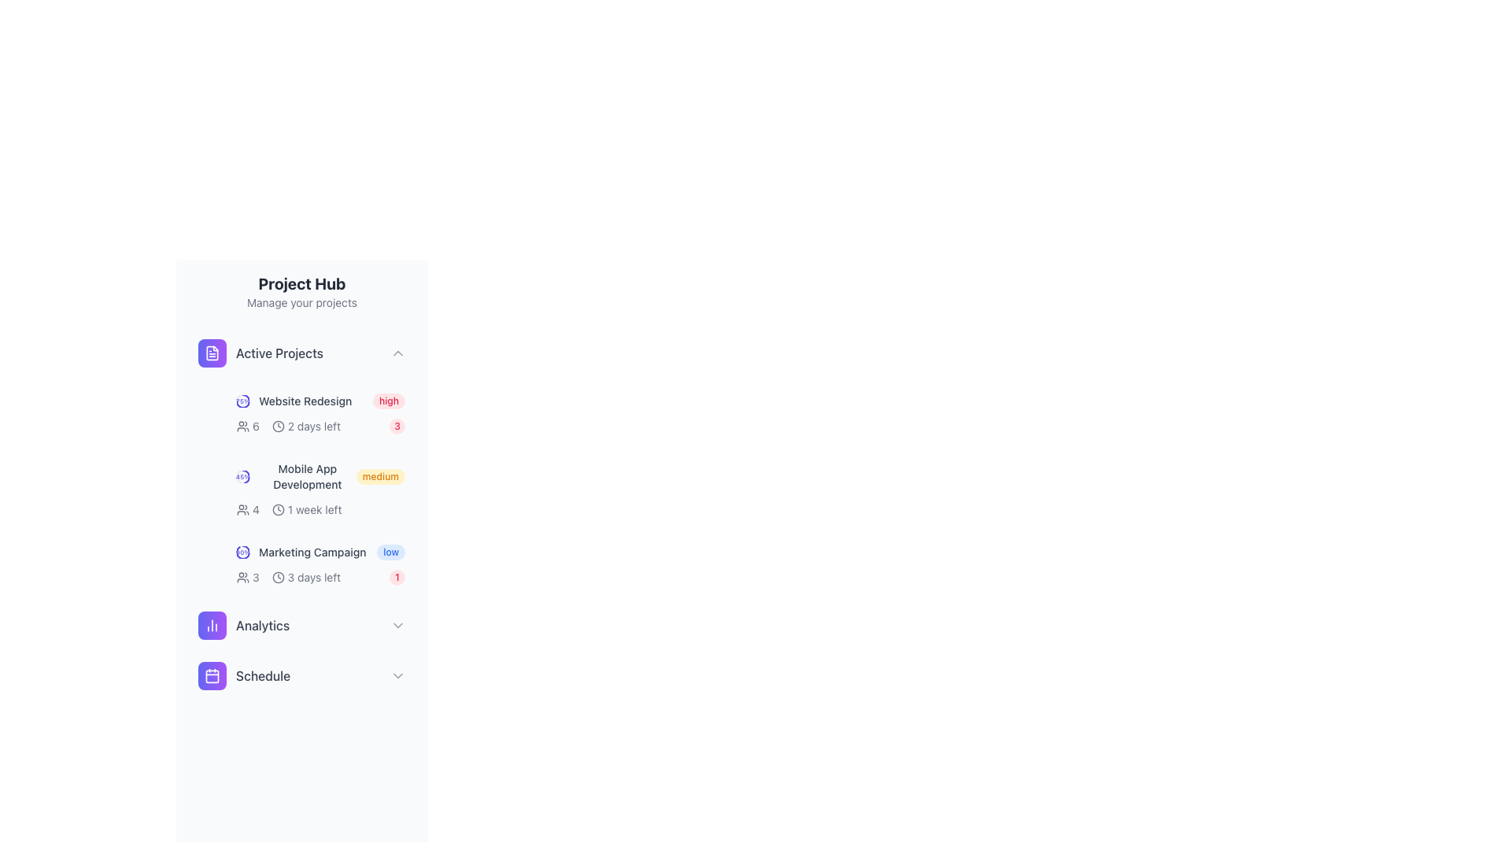  Describe the element at coordinates (211, 624) in the screenshot. I see `the vertical bar chart icon located in the 'Analytics' section of the side menu, which is positioned under 'Active Projects' and above 'Schedule'` at that location.